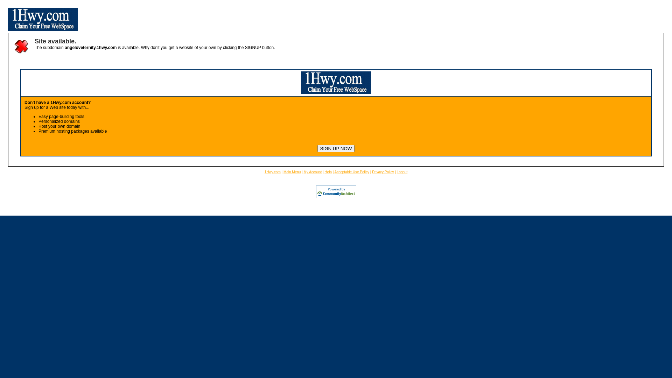 The height and width of the screenshot is (378, 672). What do you see at coordinates (292, 172) in the screenshot?
I see `'Main Menu'` at bounding box center [292, 172].